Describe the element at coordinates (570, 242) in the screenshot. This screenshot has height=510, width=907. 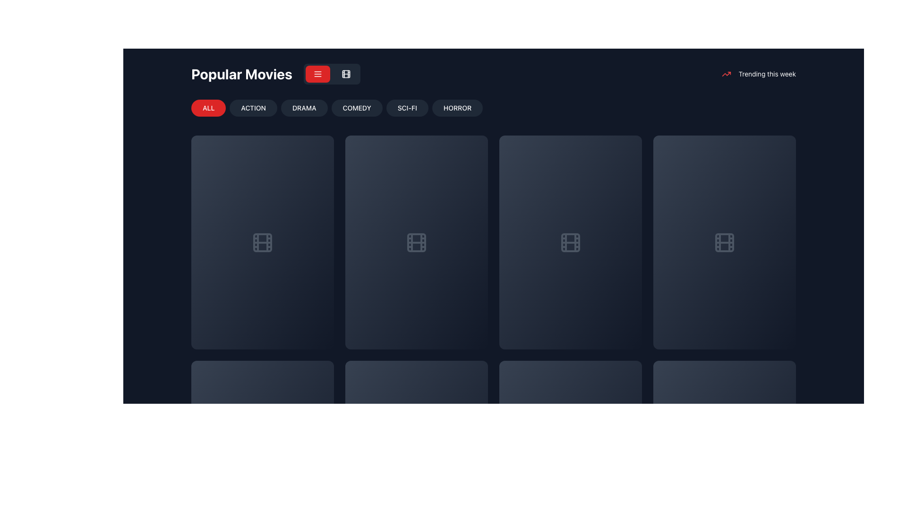
I see `the media icon located in the second row and third column of the grid layout, which visually represents a movie or media item` at that location.